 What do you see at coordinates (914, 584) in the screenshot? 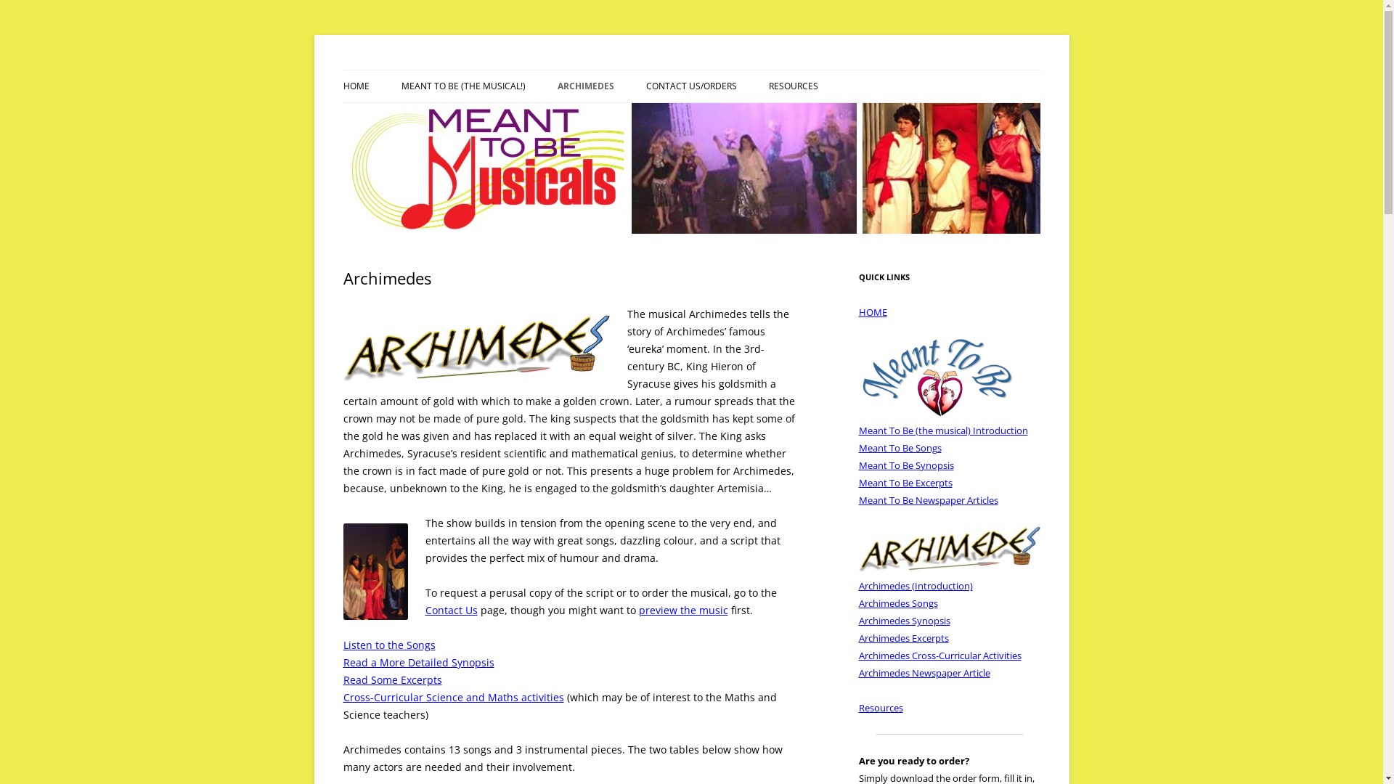
I see `'Archimedes (Introduction)'` at bounding box center [914, 584].